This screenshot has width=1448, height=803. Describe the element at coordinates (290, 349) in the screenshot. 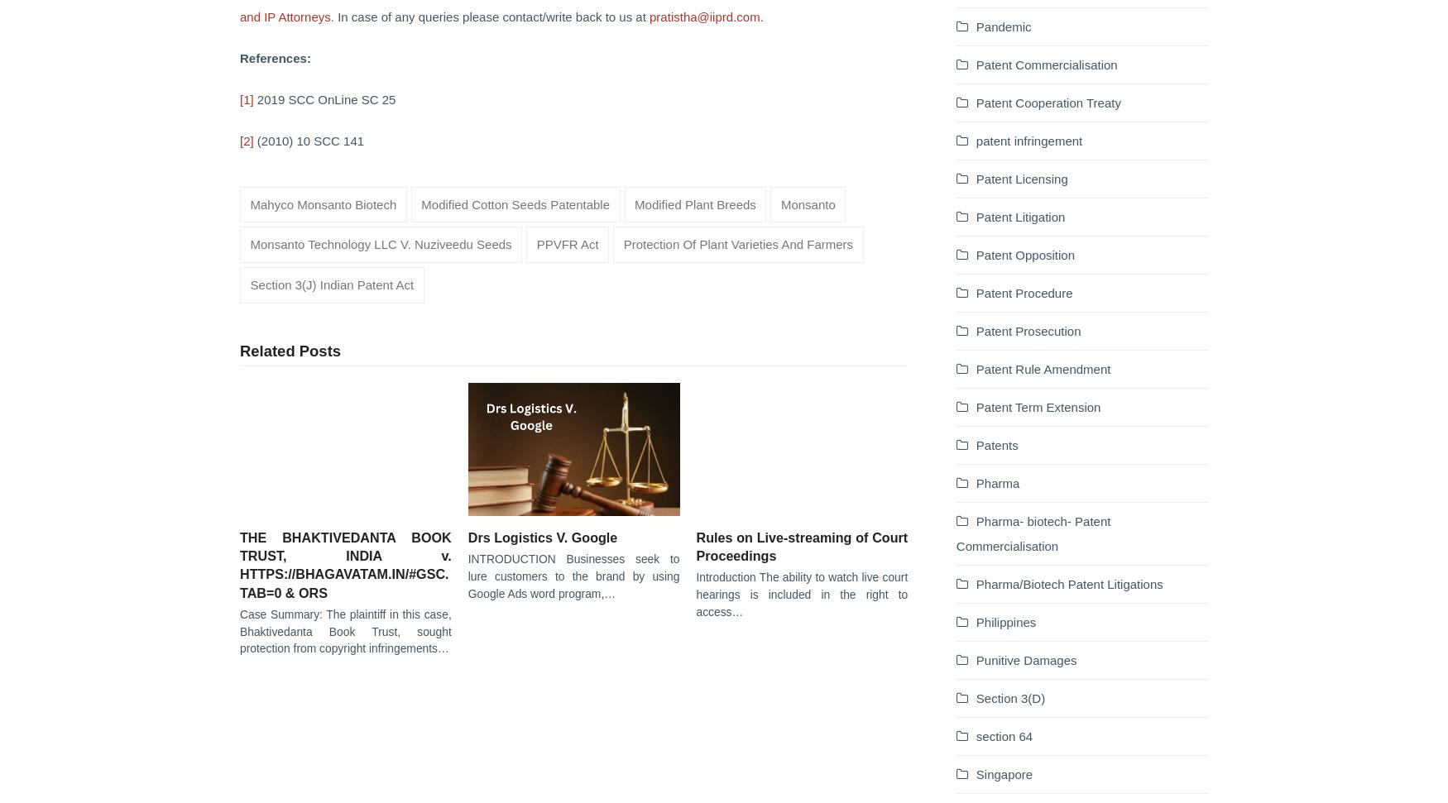

I see `'Related Posts'` at that location.